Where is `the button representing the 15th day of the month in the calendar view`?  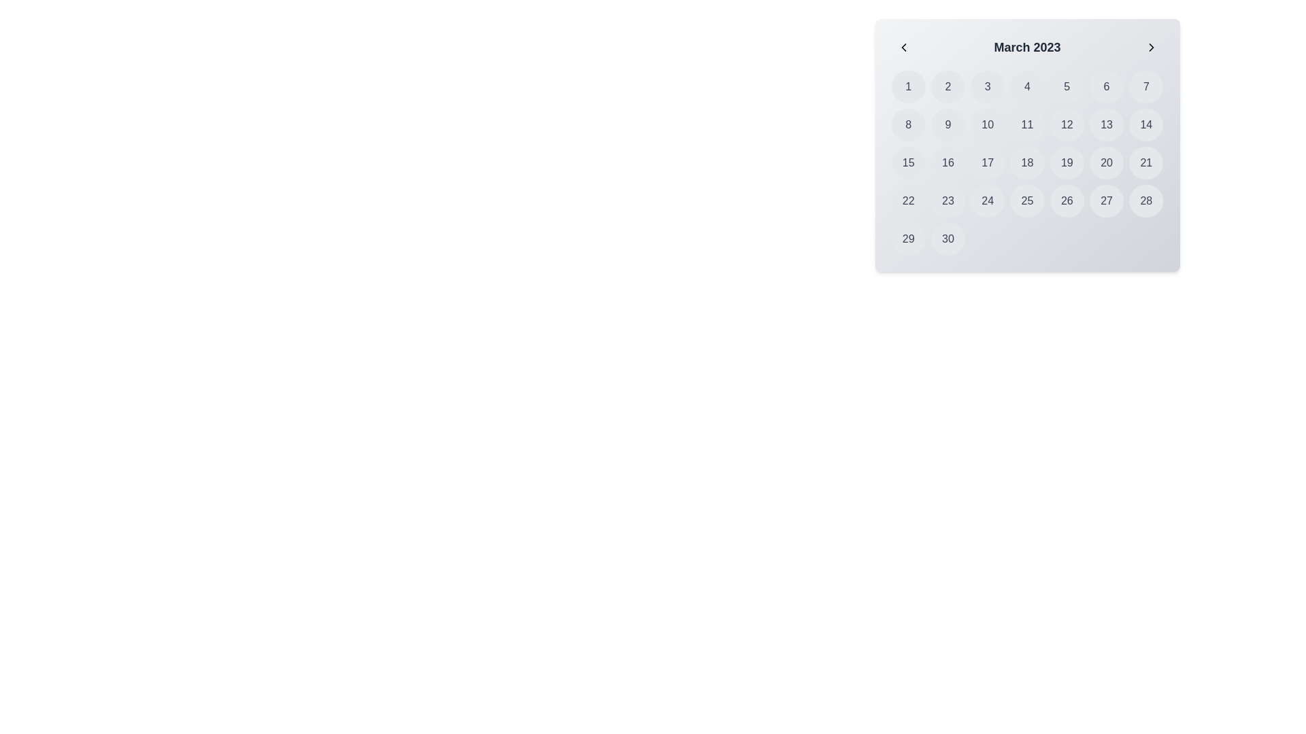
the button representing the 15th day of the month in the calendar view is located at coordinates (908, 162).